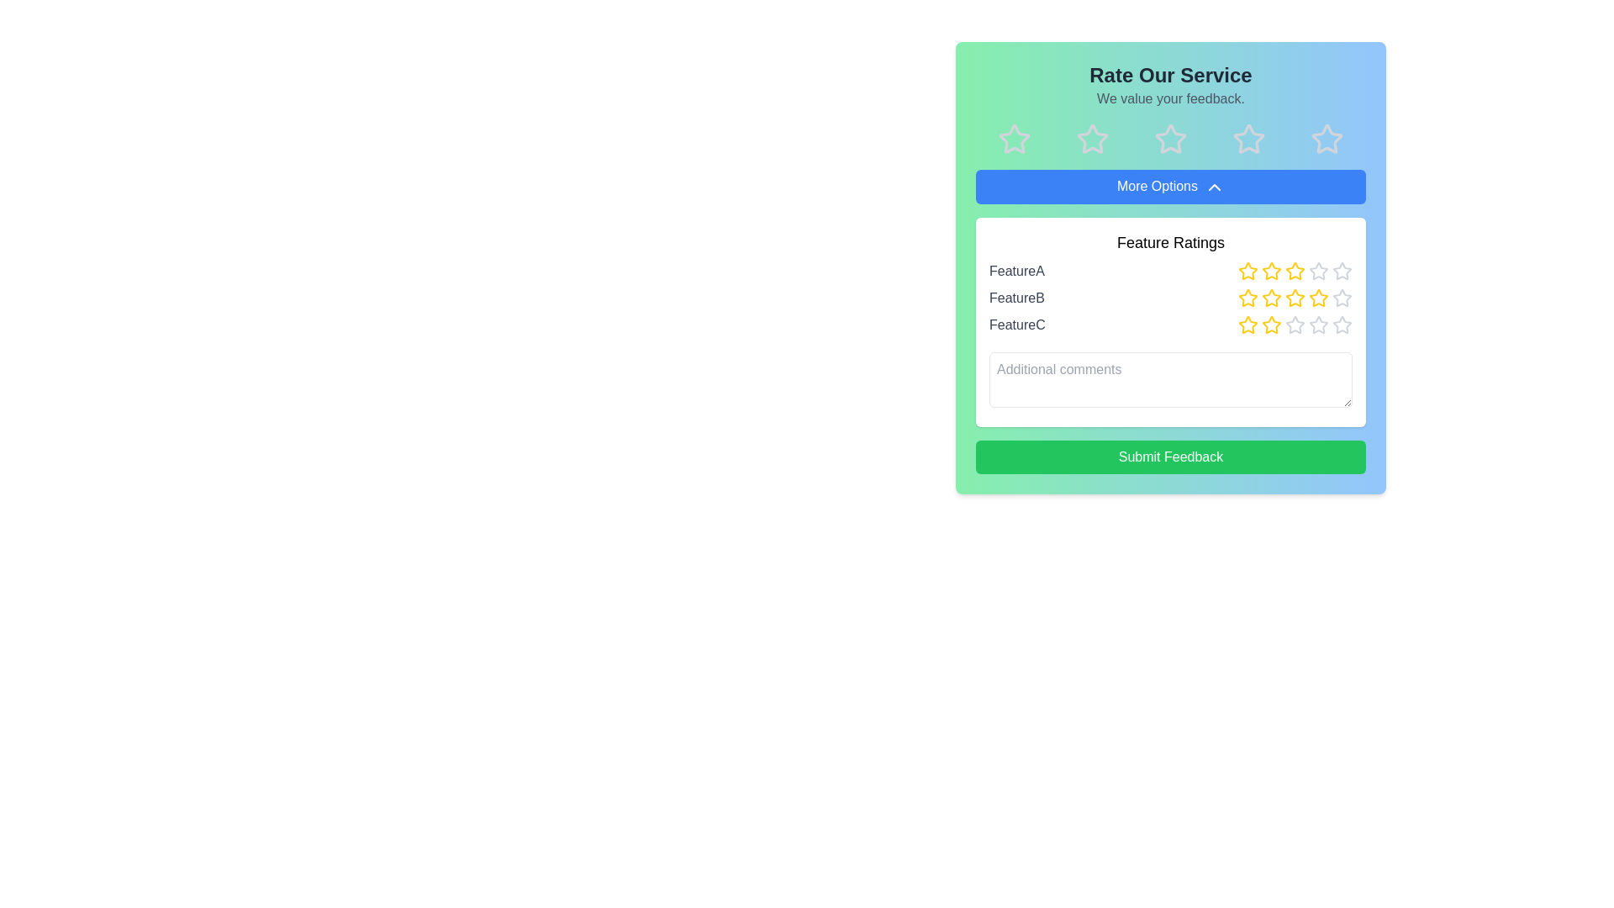 Image resolution: width=1614 pixels, height=908 pixels. I want to click on the fourth star icon in the rating bar for 'FeatureA', so click(1271, 270).